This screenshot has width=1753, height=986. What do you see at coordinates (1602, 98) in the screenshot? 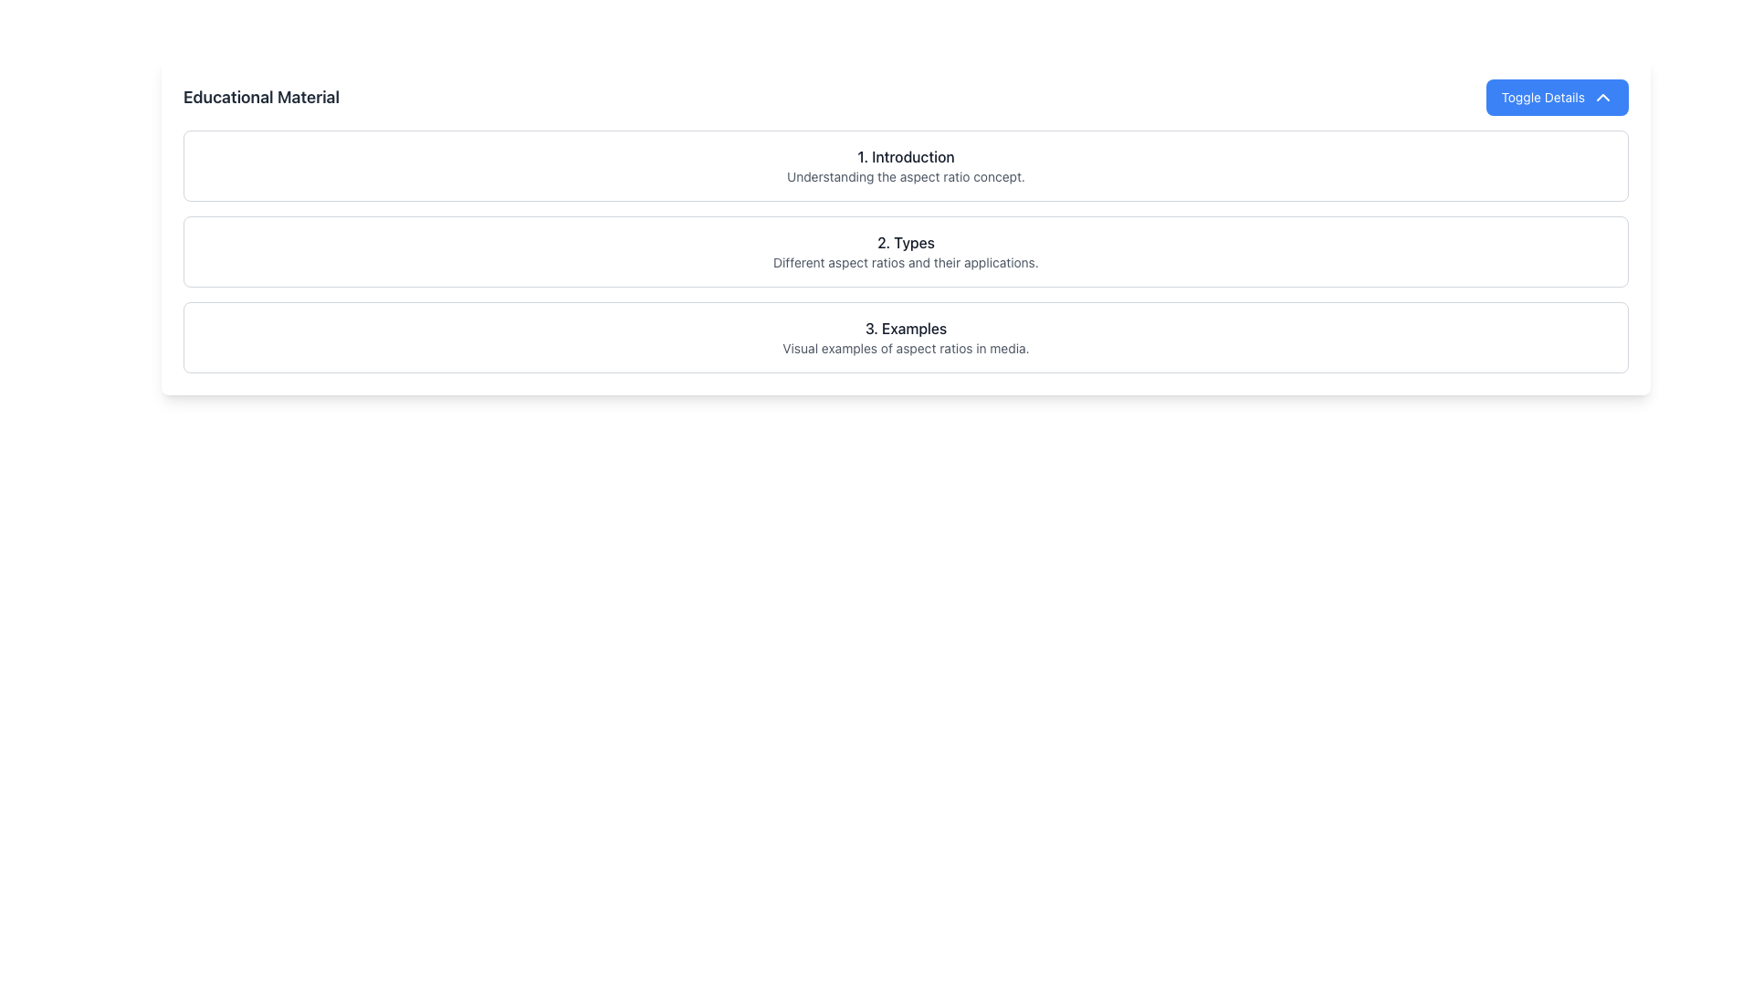
I see `the small chevron-shaped icon located to the right of the 'Toggle Details' label` at bounding box center [1602, 98].